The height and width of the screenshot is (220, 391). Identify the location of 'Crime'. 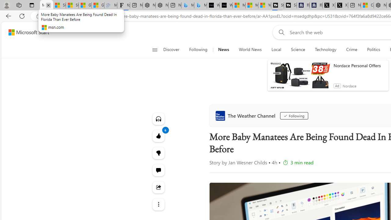
(352, 50).